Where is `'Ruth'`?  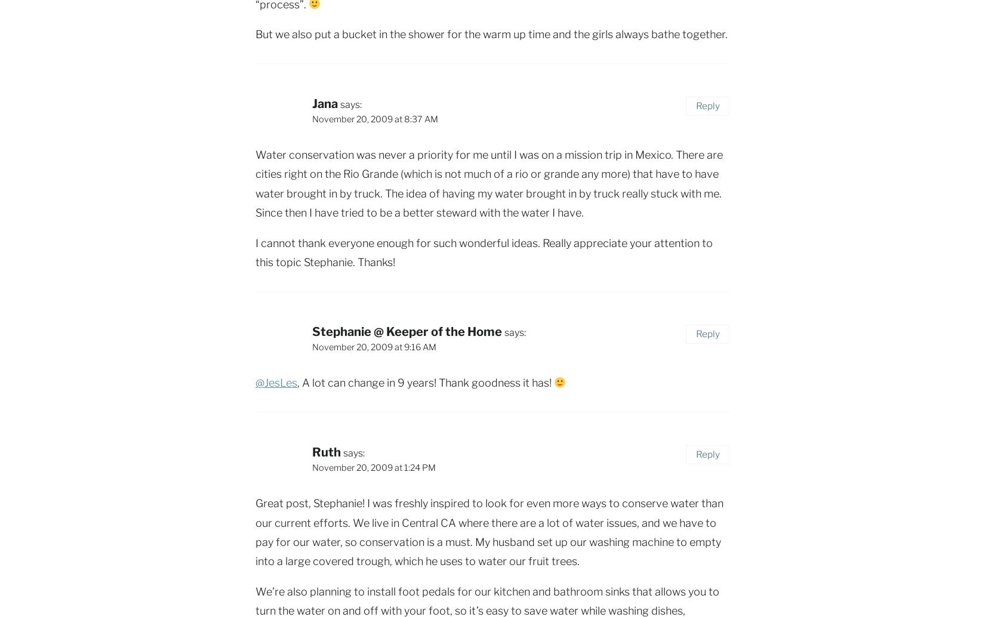
'Ruth' is located at coordinates (325, 452).